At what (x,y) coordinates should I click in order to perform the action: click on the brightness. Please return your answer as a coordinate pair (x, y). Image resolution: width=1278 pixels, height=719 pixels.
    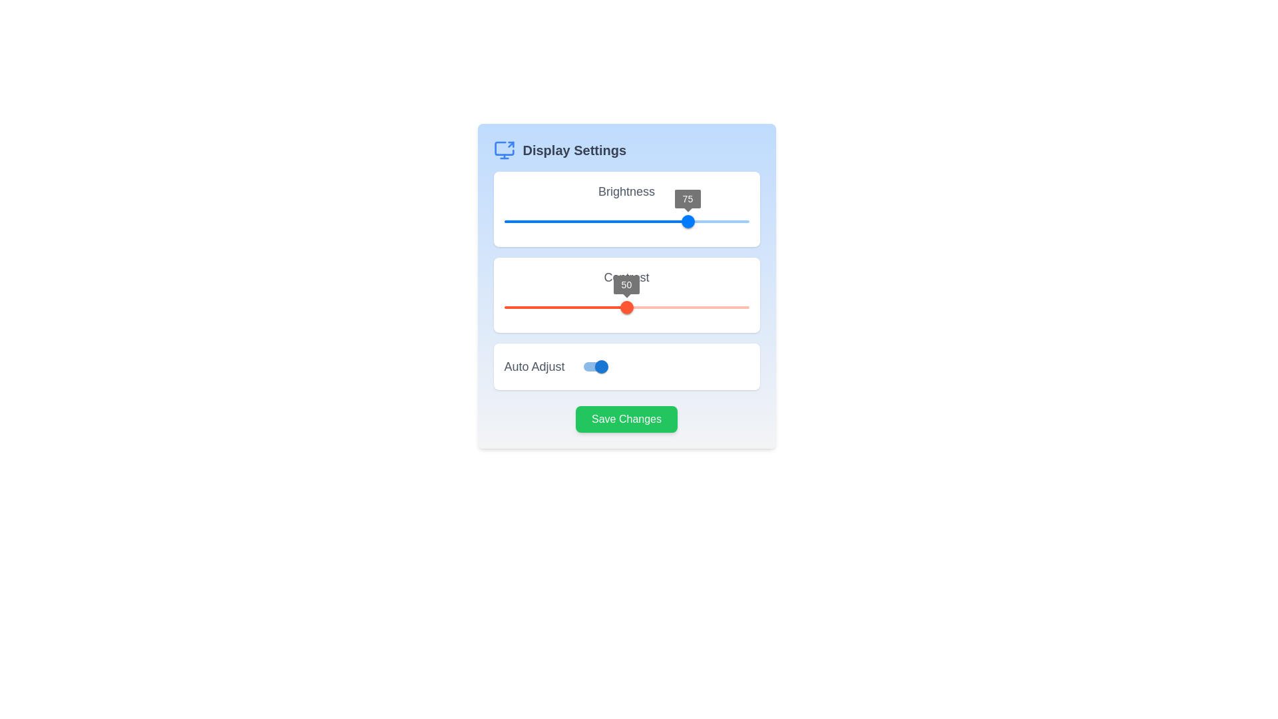
    Looking at the image, I should click on (740, 220).